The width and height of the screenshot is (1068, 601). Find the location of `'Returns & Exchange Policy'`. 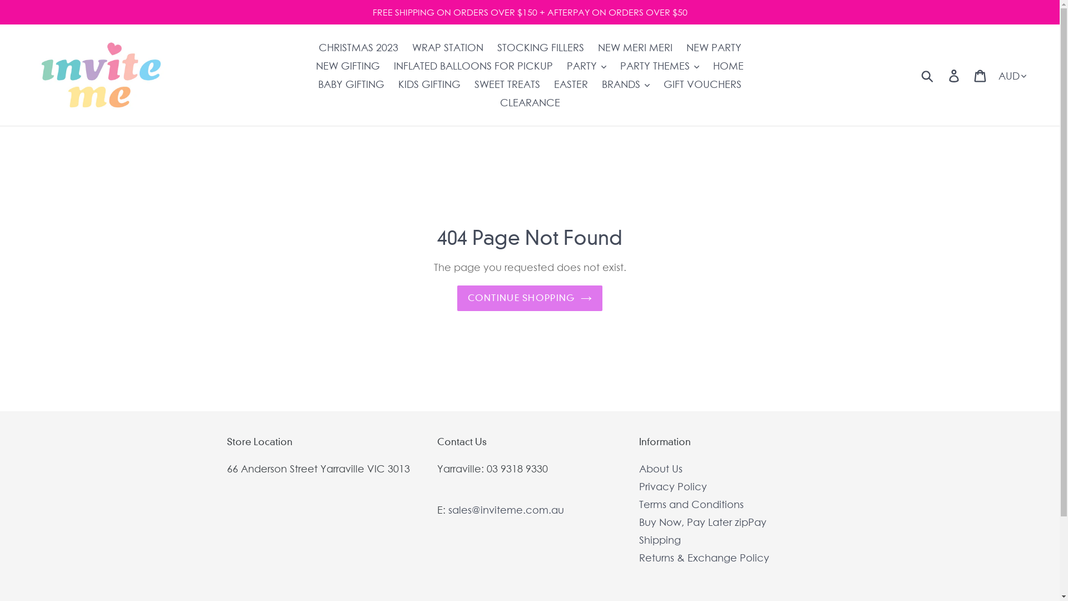

'Returns & Exchange Policy' is located at coordinates (704, 558).